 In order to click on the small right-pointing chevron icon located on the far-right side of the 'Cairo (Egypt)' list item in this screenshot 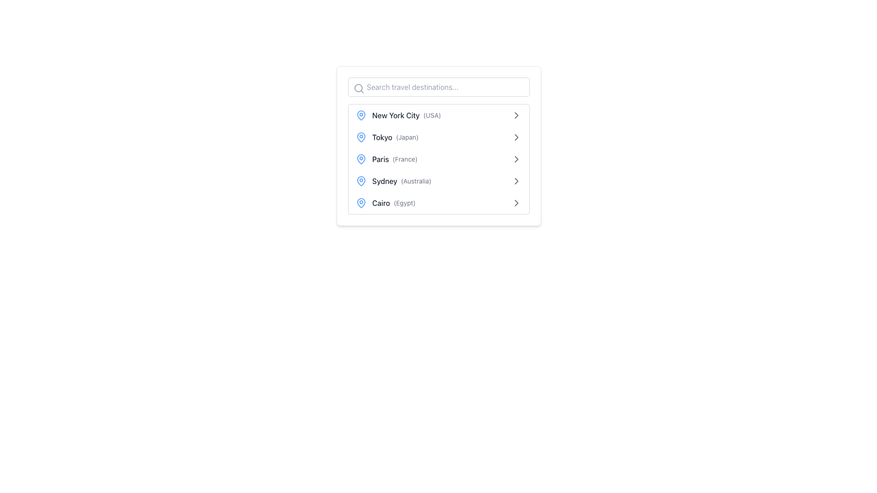, I will do `click(517, 202)`.